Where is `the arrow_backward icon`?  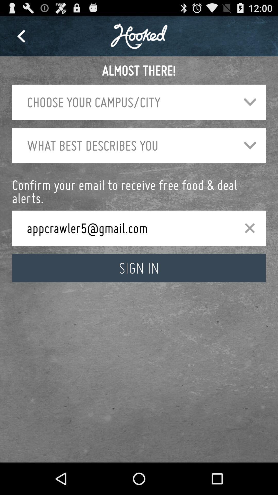
the arrow_backward icon is located at coordinates (21, 38).